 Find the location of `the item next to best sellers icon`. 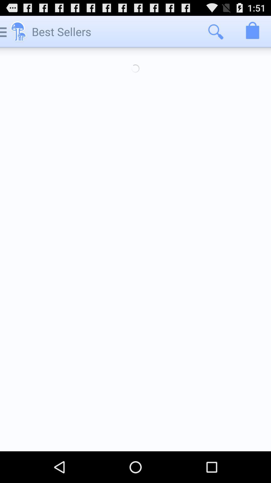

the item next to best sellers icon is located at coordinates (215, 31).